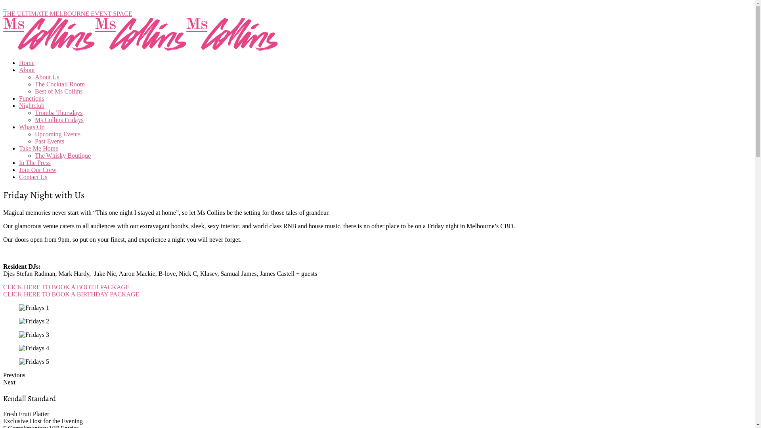  Describe the element at coordinates (34, 84) in the screenshot. I see `'The Cocktail Room'` at that location.